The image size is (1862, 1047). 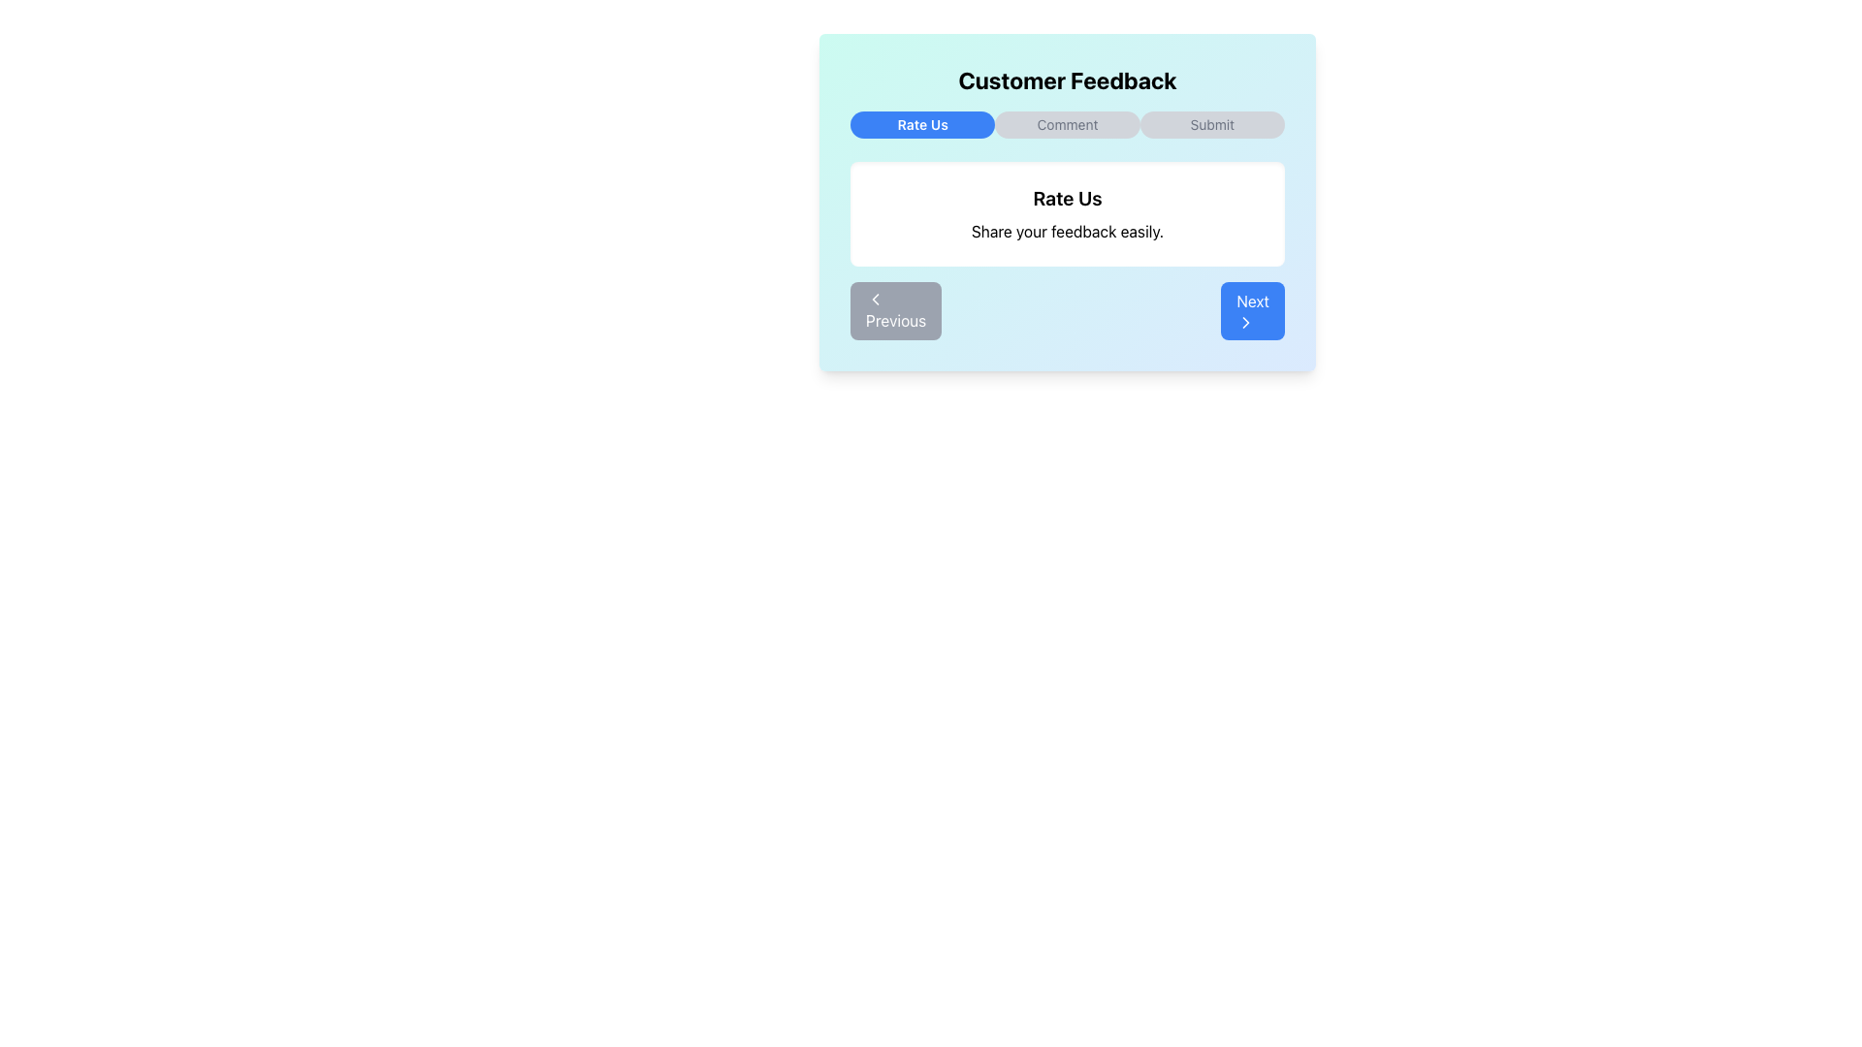 What do you see at coordinates (1253, 309) in the screenshot?
I see `the 'Next' button, which has a blue background and white text with a right-pointing chevron icon` at bounding box center [1253, 309].